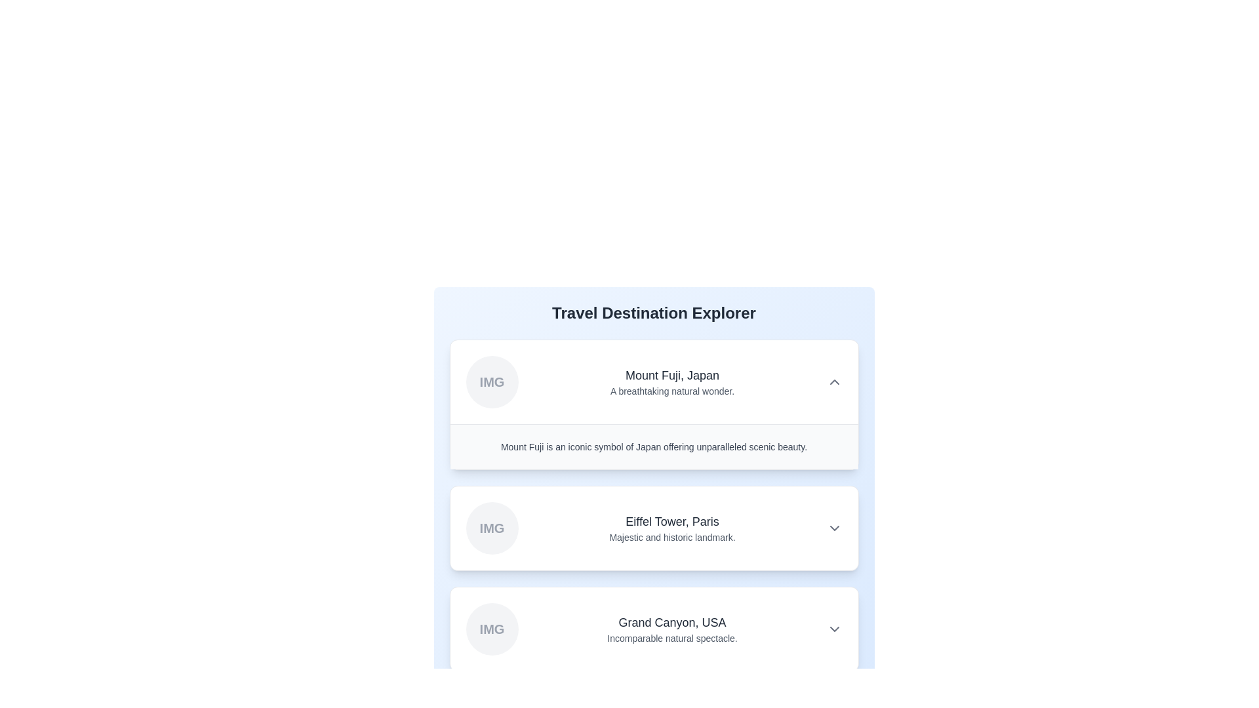 Image resolution: width=1259 pixels, height=708 pixels. I want to click on the image placeholder of the destination Eiffel Tower, Paris, so click(491, 528).